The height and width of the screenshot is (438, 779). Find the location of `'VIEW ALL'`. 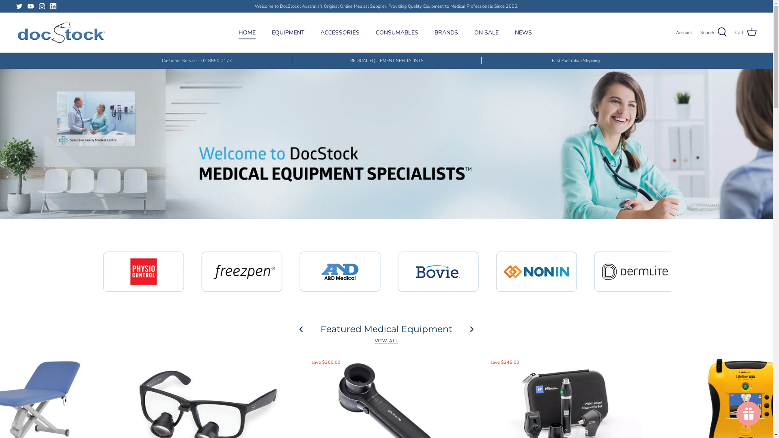

'VIEW ALL' is located at coordinates (386, 341).